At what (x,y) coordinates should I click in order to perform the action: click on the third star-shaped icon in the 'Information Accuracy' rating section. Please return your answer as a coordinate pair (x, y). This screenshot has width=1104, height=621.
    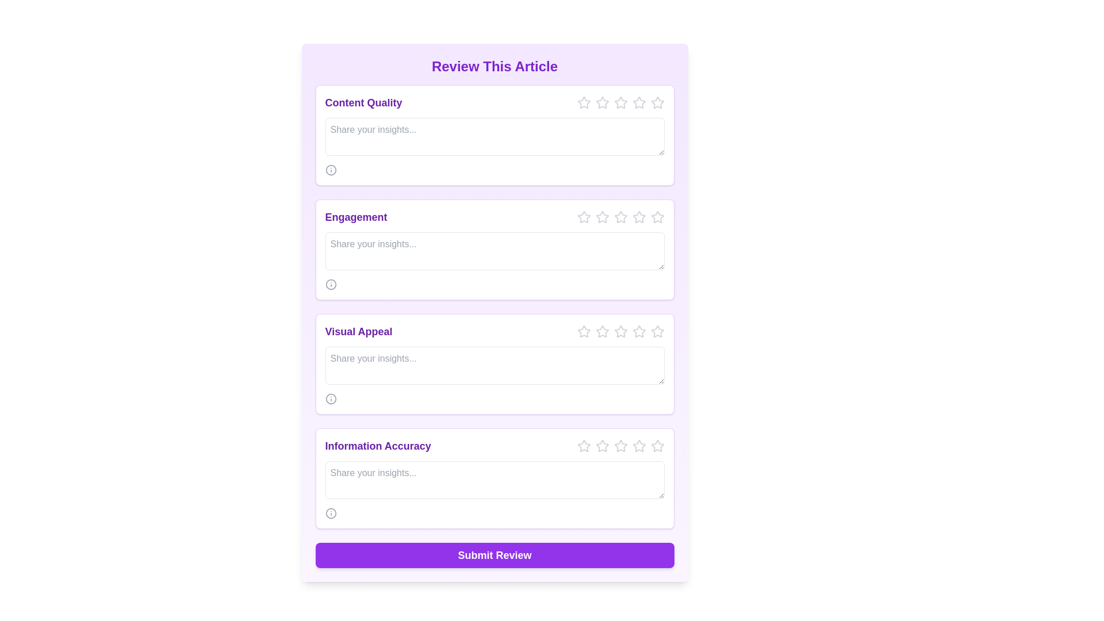
    Looking at the image, I should click on (601, 445).